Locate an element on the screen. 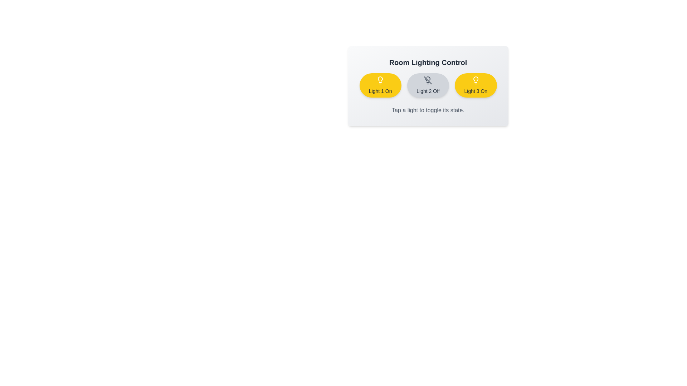 This screenshot has width=687, height=386. the button corresponding to Light 2 to toggle its state is located at coordinates (428, 85).